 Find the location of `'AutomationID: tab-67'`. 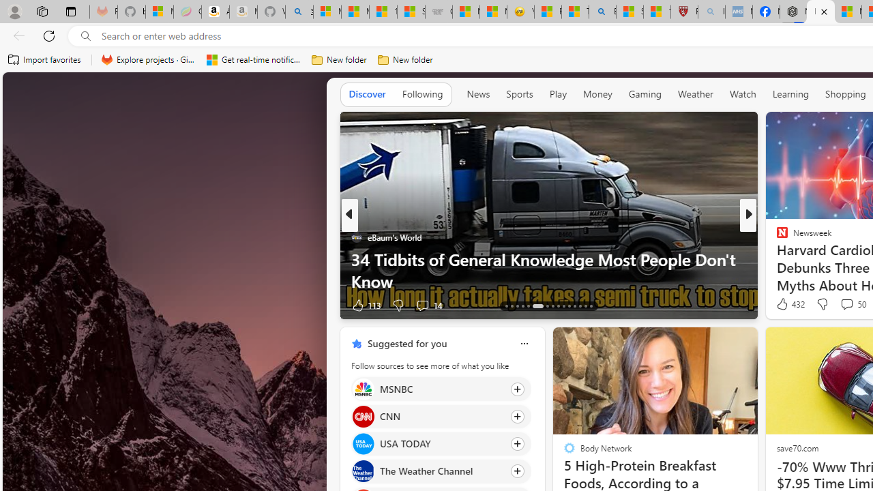

'AutomationID: tab-67' is located at coordinates (511, 305).